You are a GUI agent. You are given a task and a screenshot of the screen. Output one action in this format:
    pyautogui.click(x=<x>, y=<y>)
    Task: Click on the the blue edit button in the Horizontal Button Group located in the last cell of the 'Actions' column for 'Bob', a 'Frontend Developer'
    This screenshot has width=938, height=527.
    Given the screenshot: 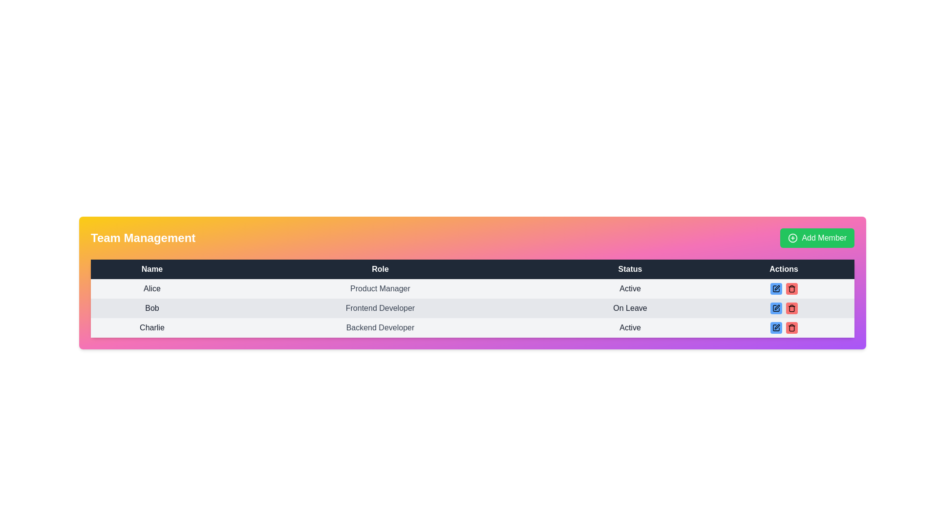 What is the action you would take?
    pyautogui.click(x=784, y=308)
    